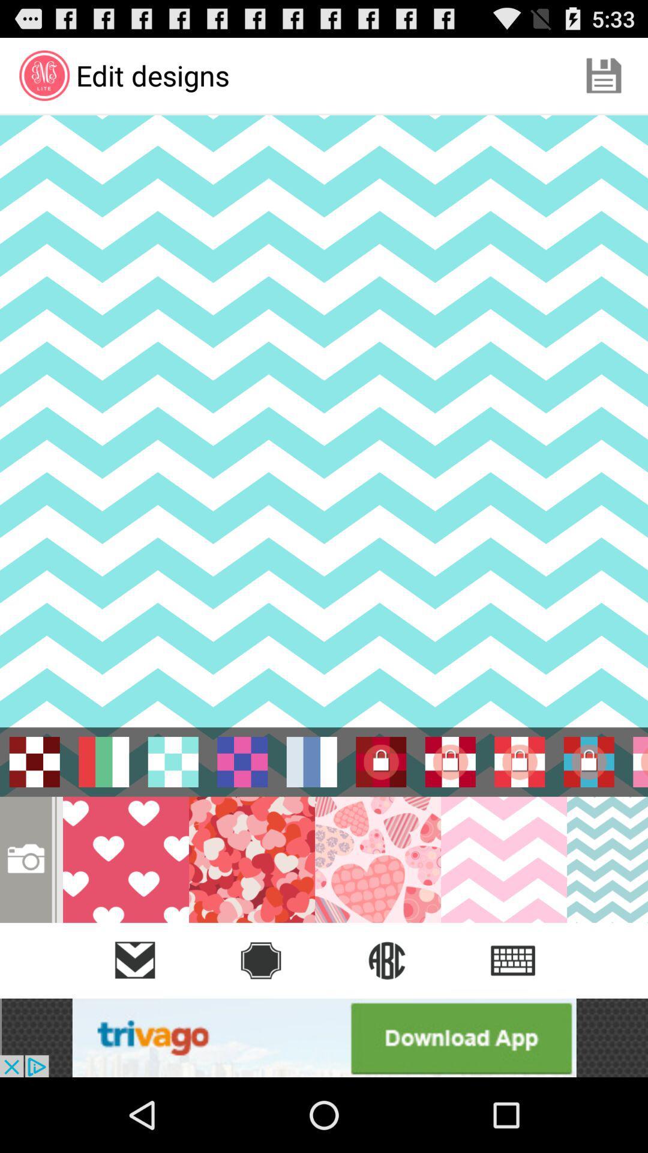 The width and height of the screenshot is (648, 1153). Describe the element at coordinates (125, 859) in the screenshot. I see `the first image of the bottom left corner` at that location.